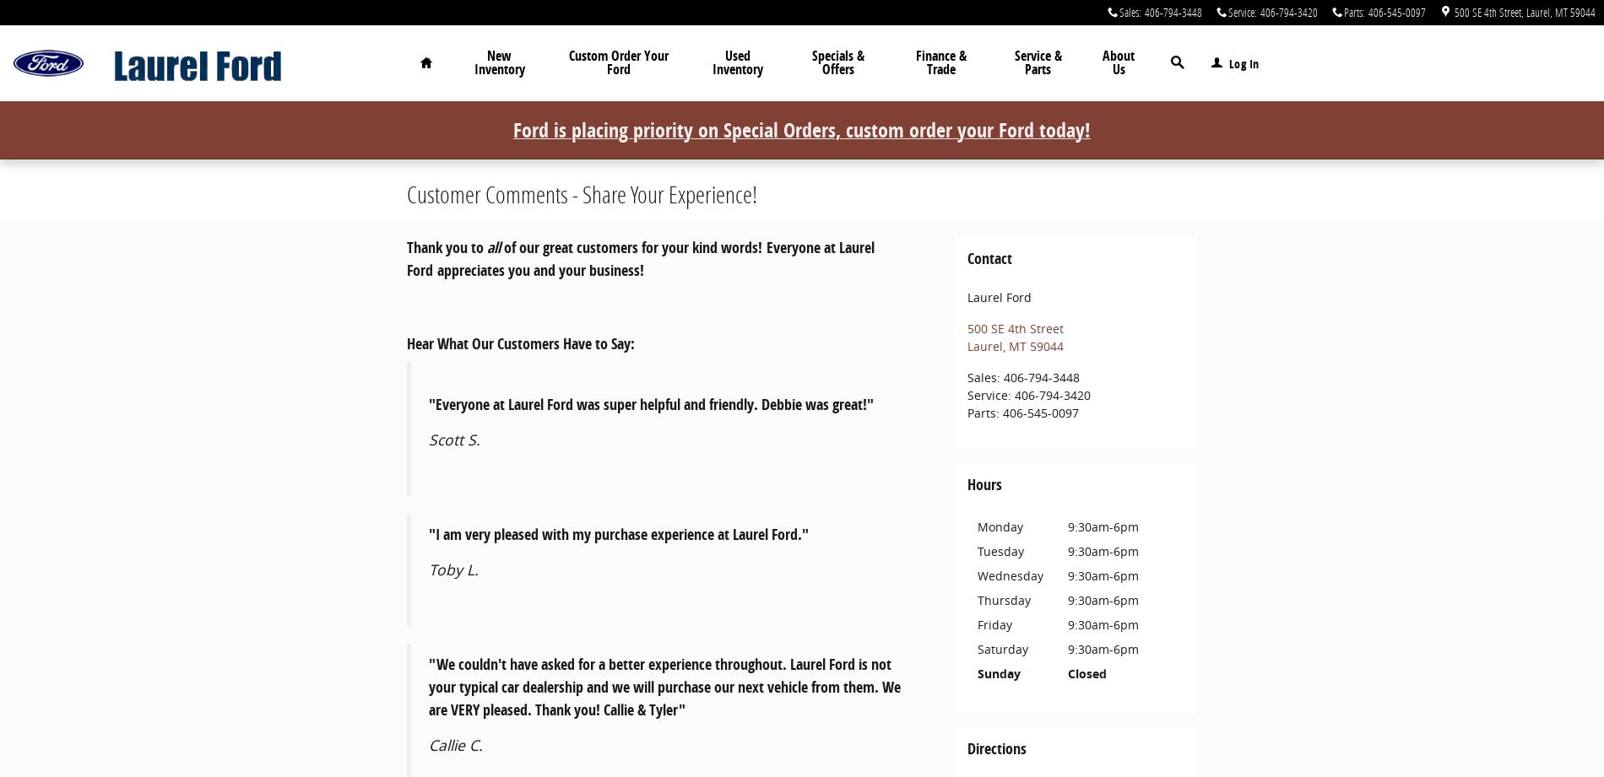  Describe the element at coordinates (1086, 672) in the screenshot. I see `'Closed'` at that location.